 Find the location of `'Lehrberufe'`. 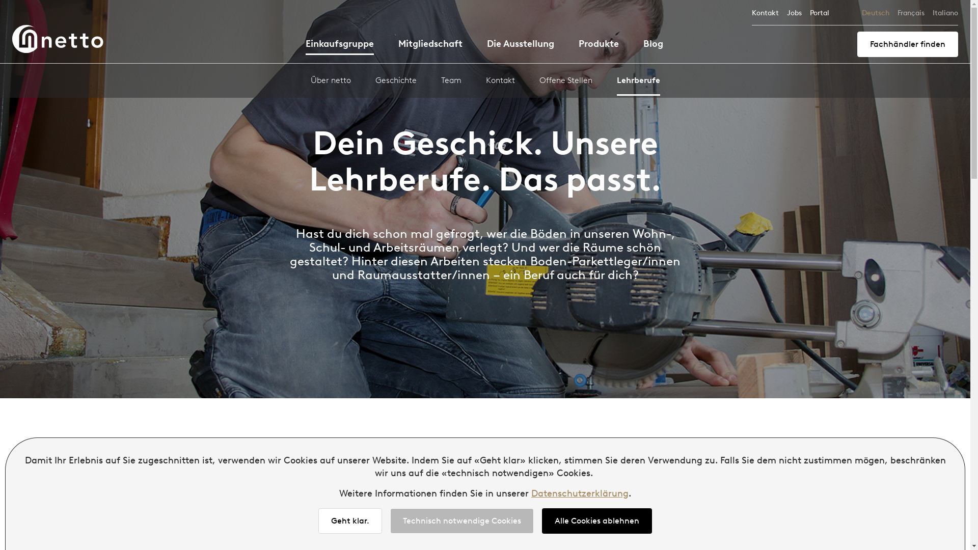

'Lehrberufe' is located at coordinates (615, 85).